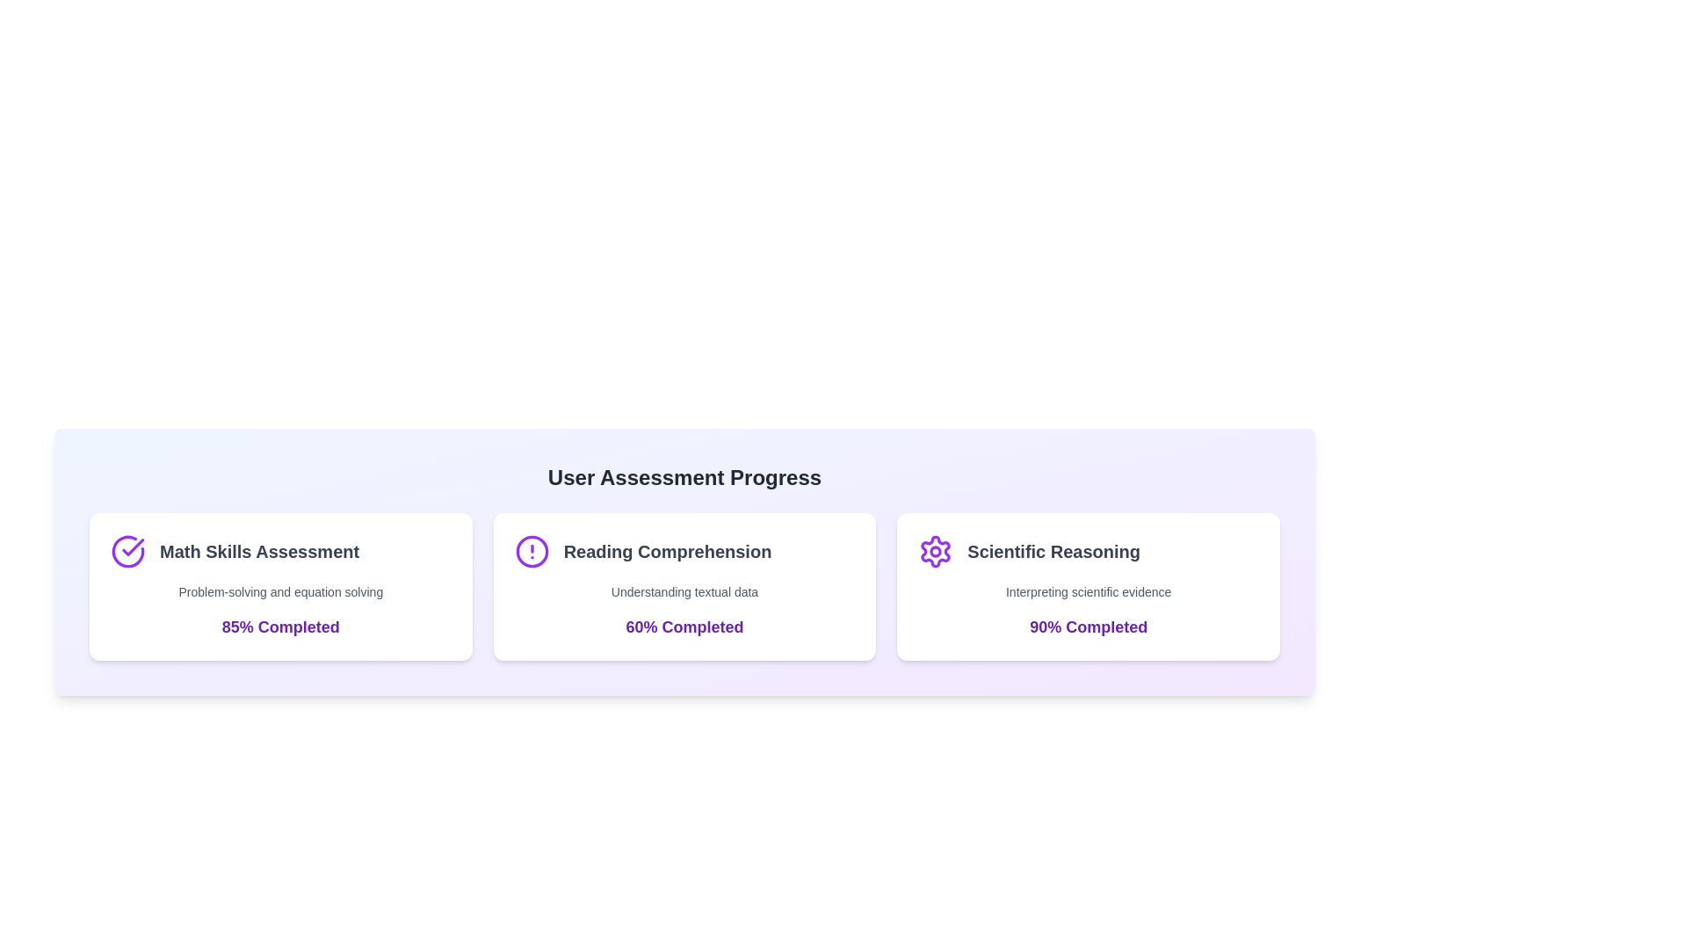 Image resolution: width=1687 pixels, height=949 pixels. I want to click on displayed information on the progress indicator card for the 'Scientific Reasoning' assessment, which is the third card in a horizontal layout of three cards, so click(1088, 586).